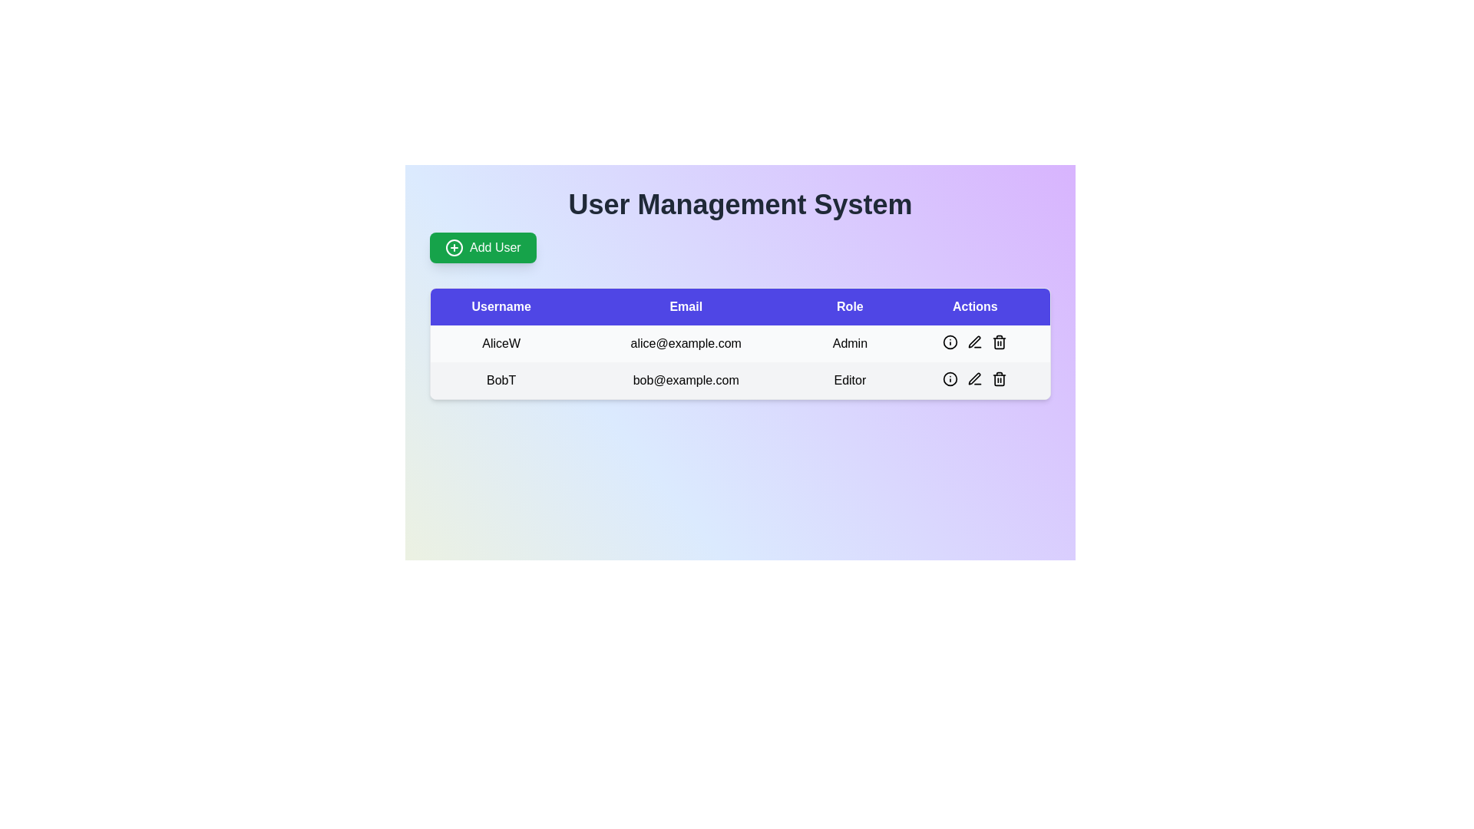 This screenshot has width=1474, height=829. What do you see at coordinates (501, 380) in the screenshot?
I see `the static text label displaying 'BobT', which is the first cell of the second row under the 'Username' column in the table` at bounding box center [501, 380].